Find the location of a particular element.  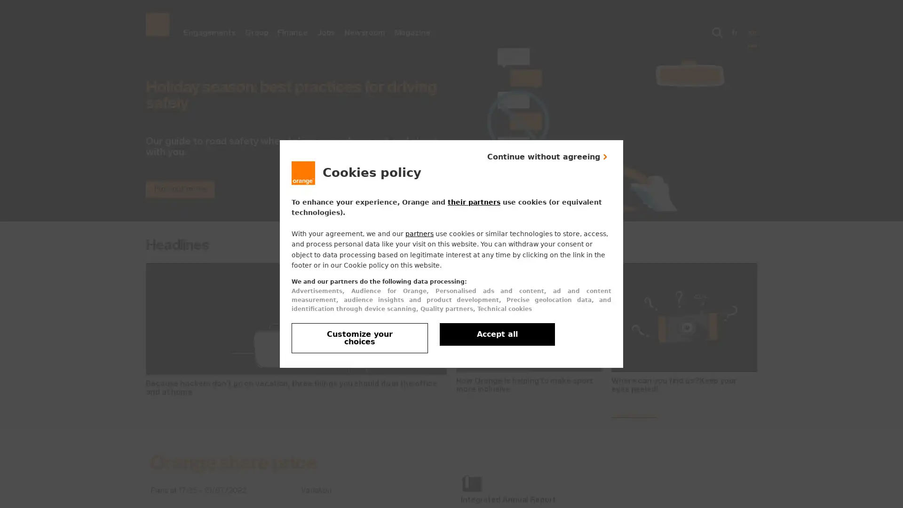

Configure your consents is located at coordinates (359, 337).